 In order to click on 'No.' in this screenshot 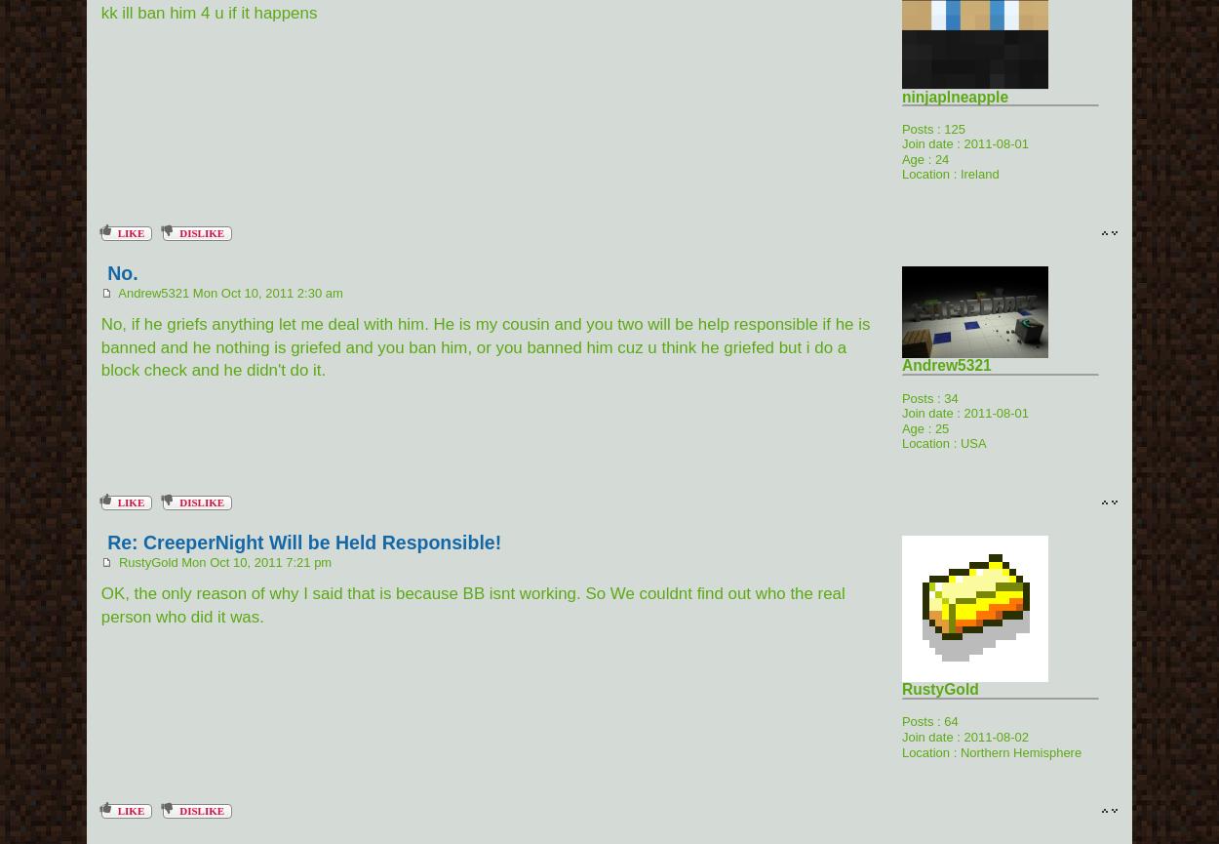, I will do `click(122, 272)`.